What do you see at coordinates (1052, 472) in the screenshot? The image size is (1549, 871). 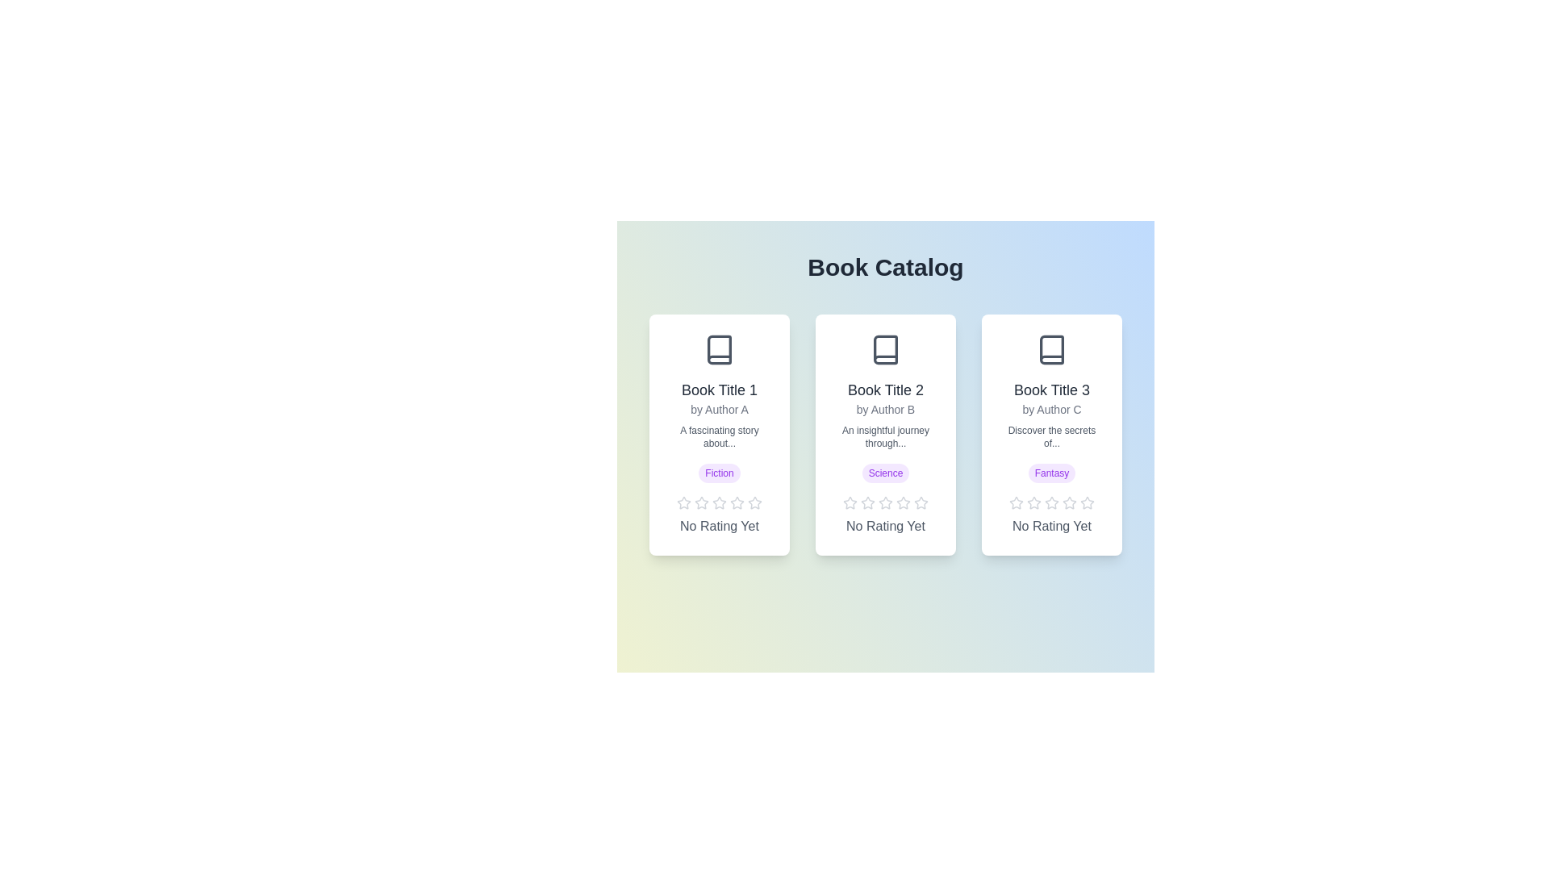 I see `the genre tag Fantasy to interact with it` at bounding box center [1052, 472].